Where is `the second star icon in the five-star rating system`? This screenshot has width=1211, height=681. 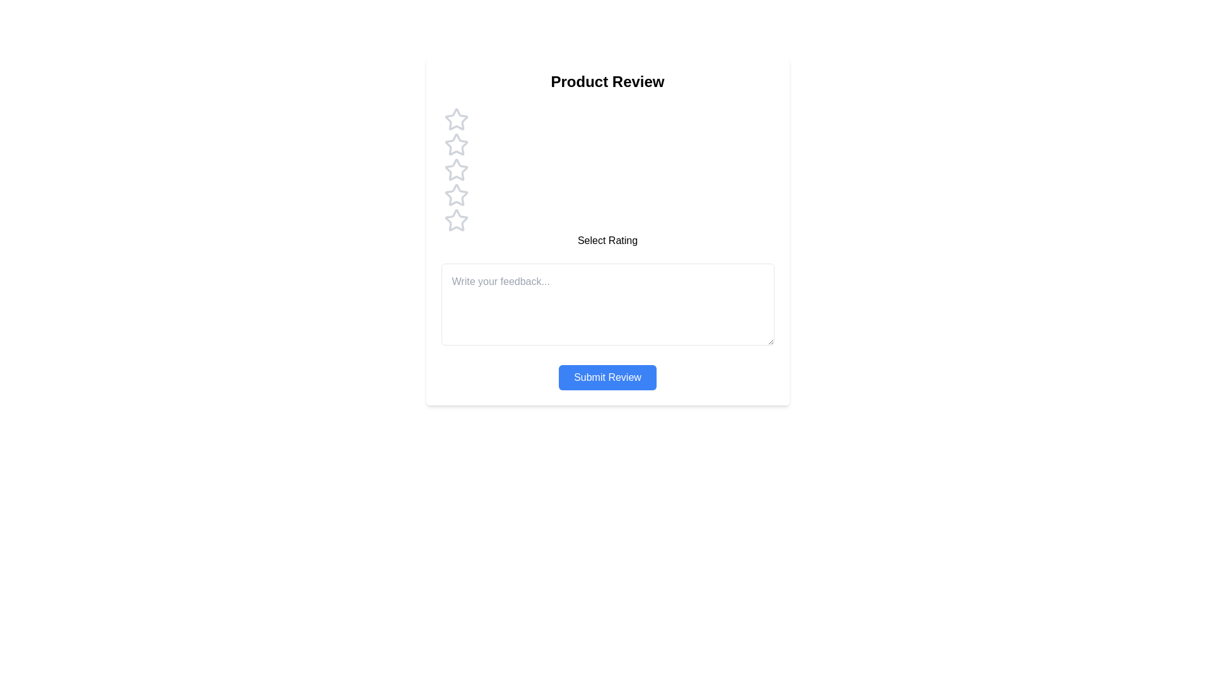
the second star icon in the five-star rating system is located at coordinates (455, 144).